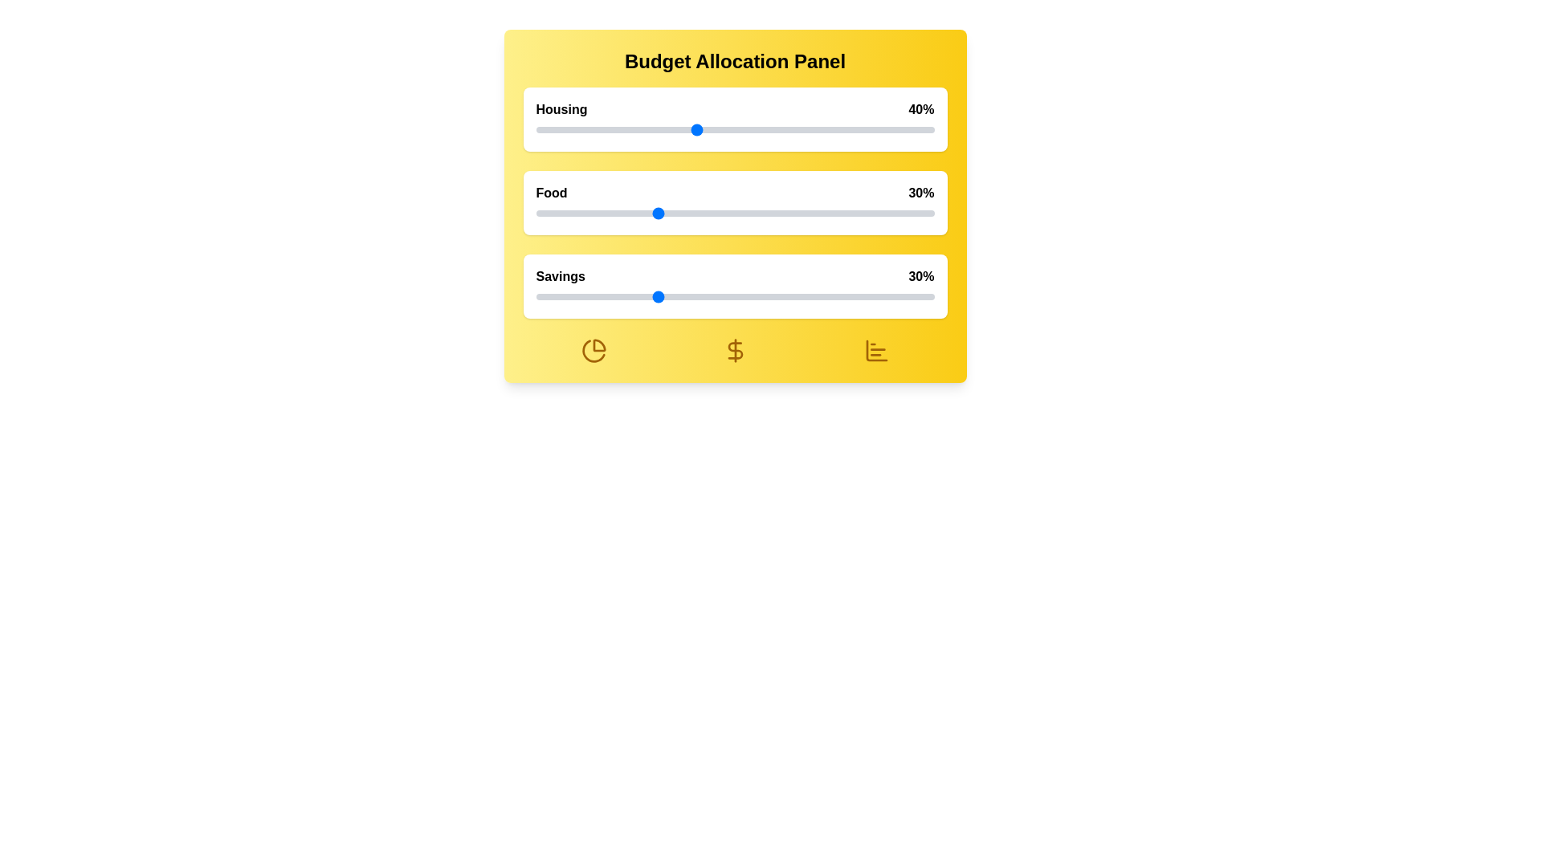 Image resolution: width=1542 pixels, height=867 pixels. I want to click on the curvy part of the dollar sign icon located centrally in the bottom section of the panel, so click(734, 349).